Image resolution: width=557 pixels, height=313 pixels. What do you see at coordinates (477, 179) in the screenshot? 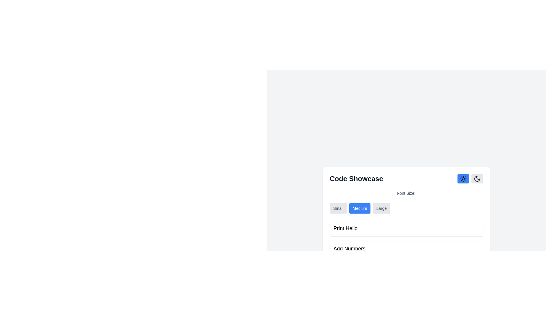
I see `the compact moon icon (SVG)` at bounding box center [477, 179].